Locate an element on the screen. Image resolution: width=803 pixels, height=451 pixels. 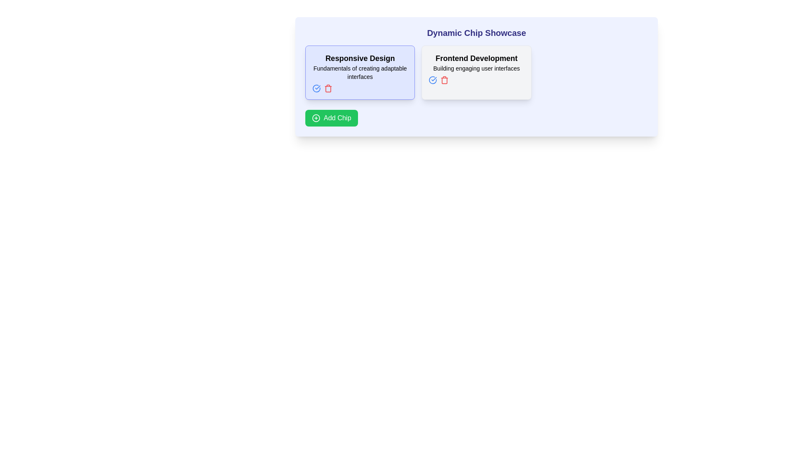
the small circular blue icon button with a checkmark symbol located at the top-left area of the 'Responsive Design' card is located at coordinates (316, 89).